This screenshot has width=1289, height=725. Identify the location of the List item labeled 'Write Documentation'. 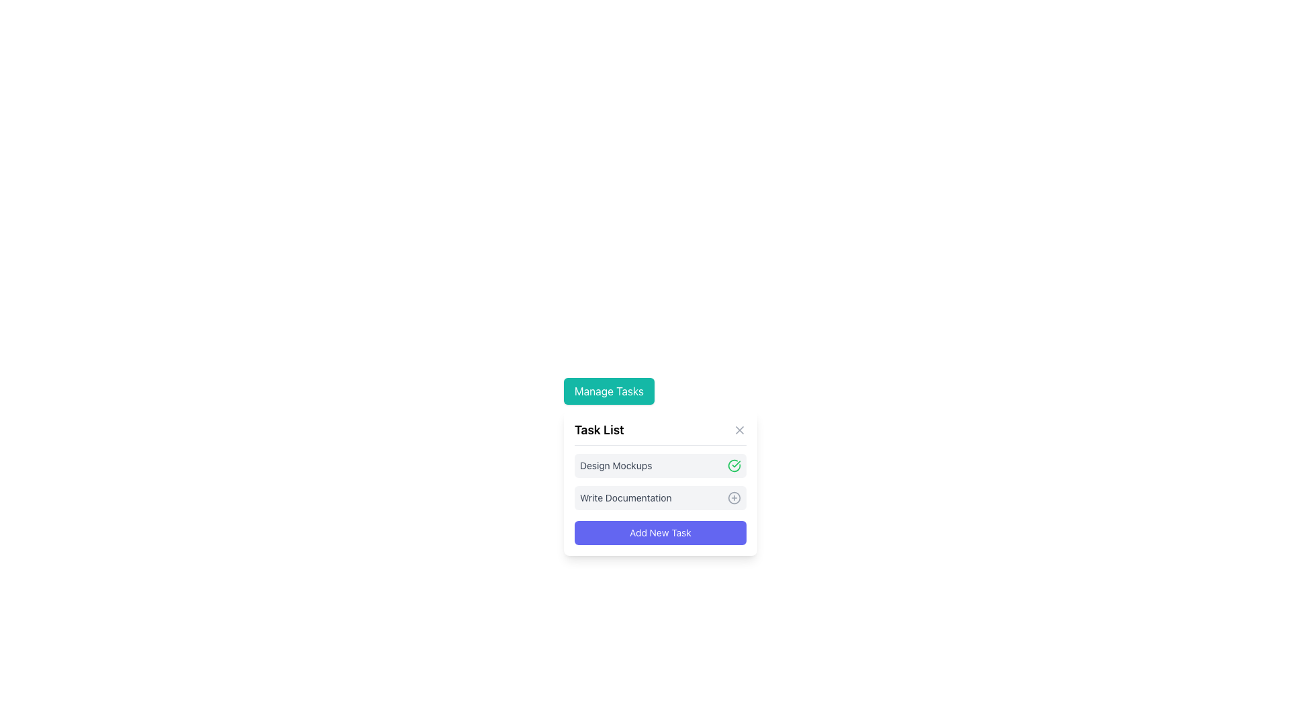
(660, 497).